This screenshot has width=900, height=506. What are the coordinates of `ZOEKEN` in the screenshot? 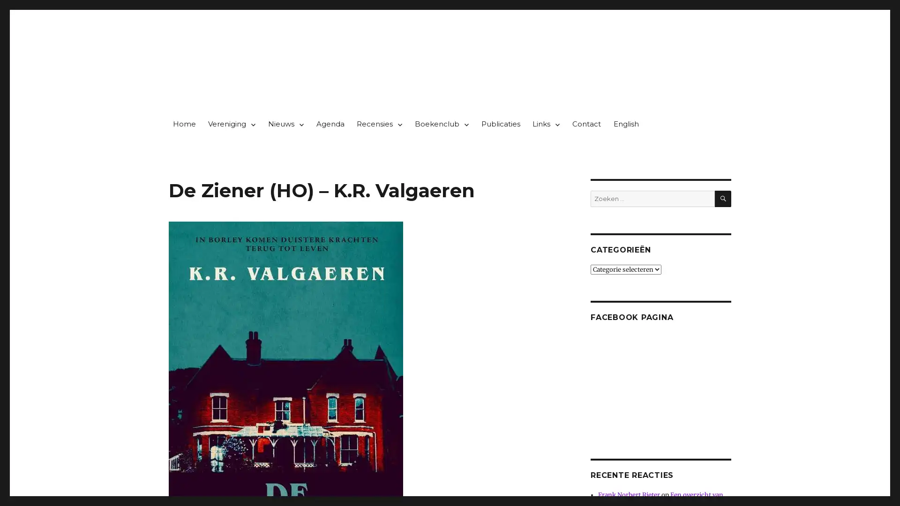 It's located at (722, 198).